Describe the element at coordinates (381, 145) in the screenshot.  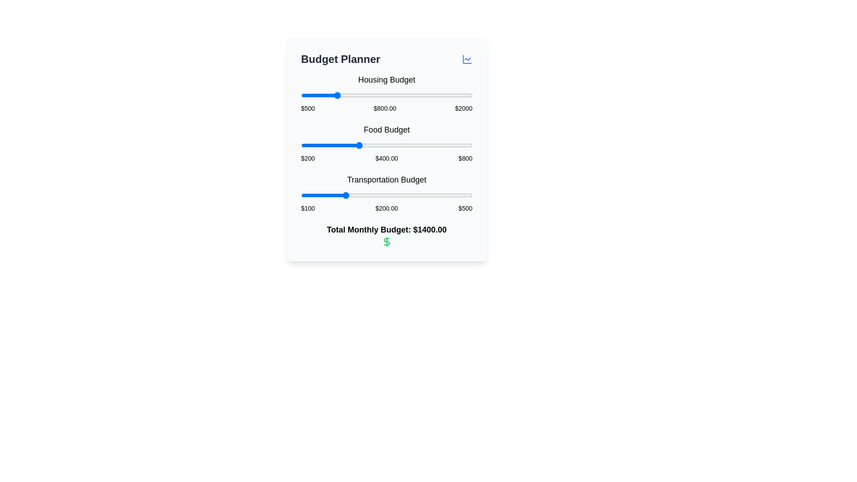
I see `the Food Budget slider value` at that location.